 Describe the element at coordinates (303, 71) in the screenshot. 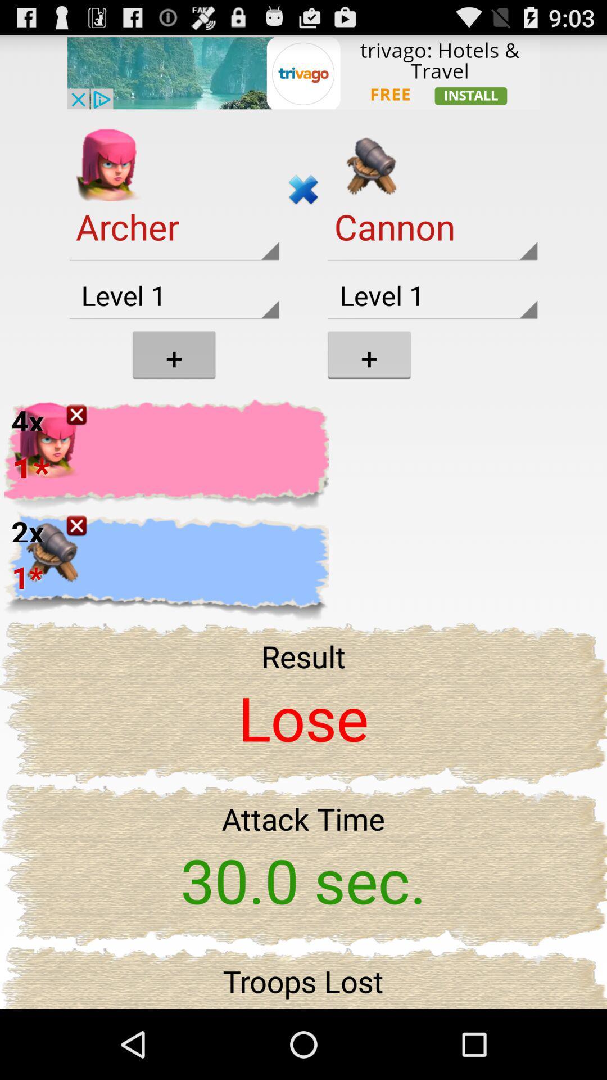

I see `open advertisement` at that location.